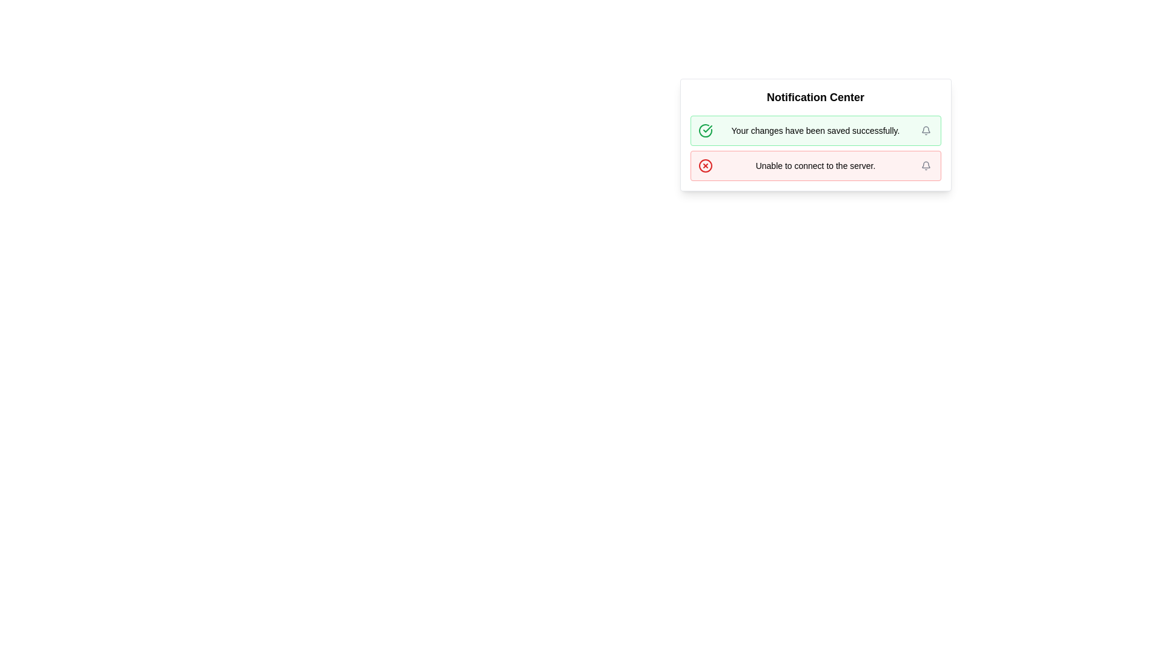 The height and width of the screenshot is (654, 1163). I want to click on the bell icon, which is a simplistic outline structure located in the top-right corner of the notification center, so click(925, 165).